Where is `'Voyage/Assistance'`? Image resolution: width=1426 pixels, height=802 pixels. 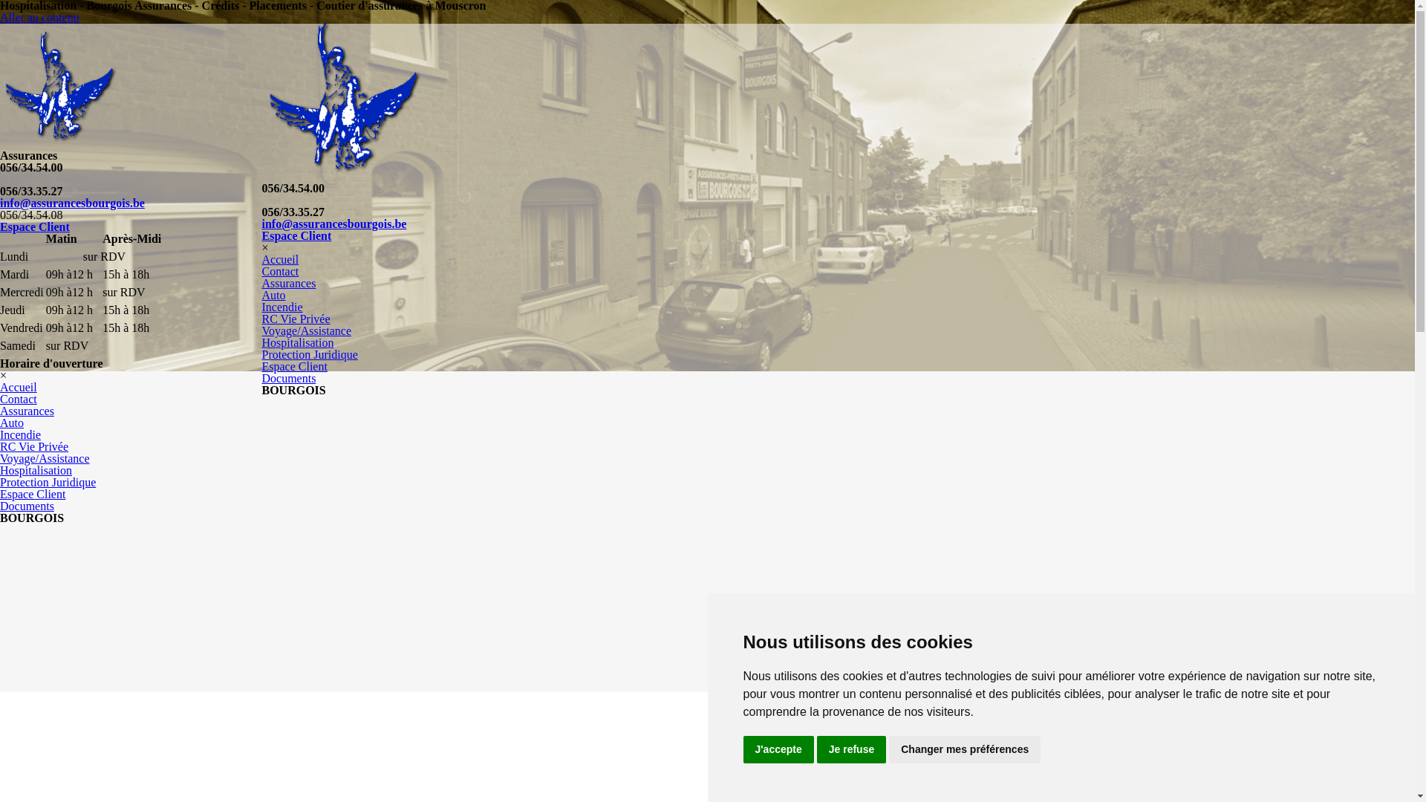 'Voyage/Assistance' is located at coordinates (45, 457).